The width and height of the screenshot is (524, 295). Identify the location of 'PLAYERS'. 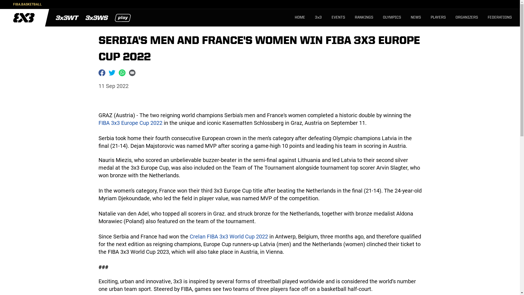
(438, 17).